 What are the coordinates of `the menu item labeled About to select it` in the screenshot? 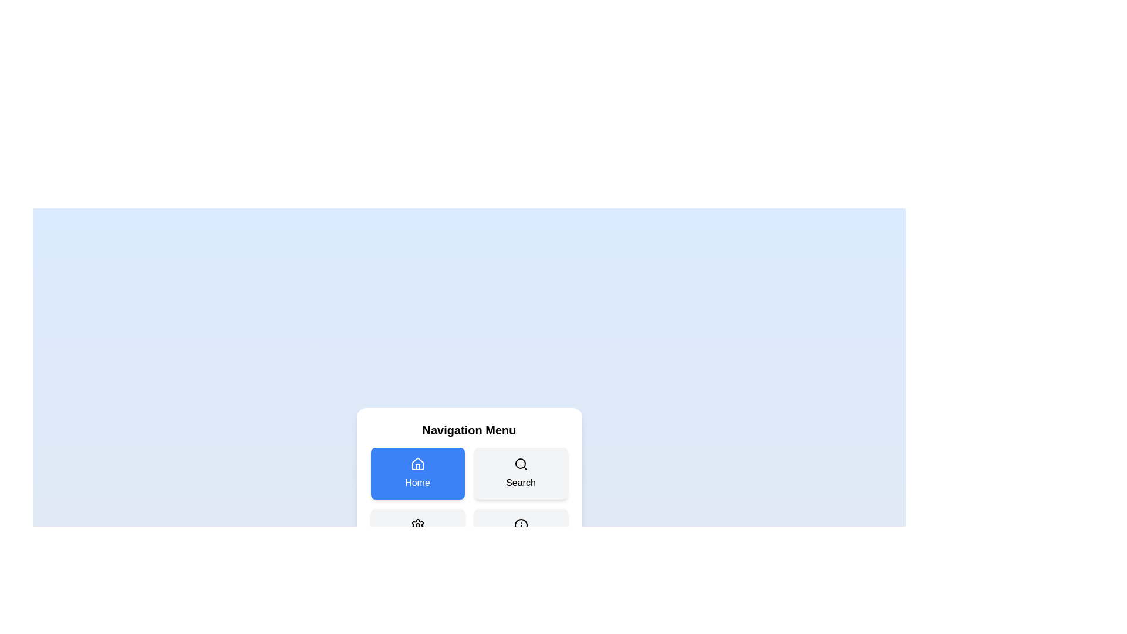 It's located at (520, 534).